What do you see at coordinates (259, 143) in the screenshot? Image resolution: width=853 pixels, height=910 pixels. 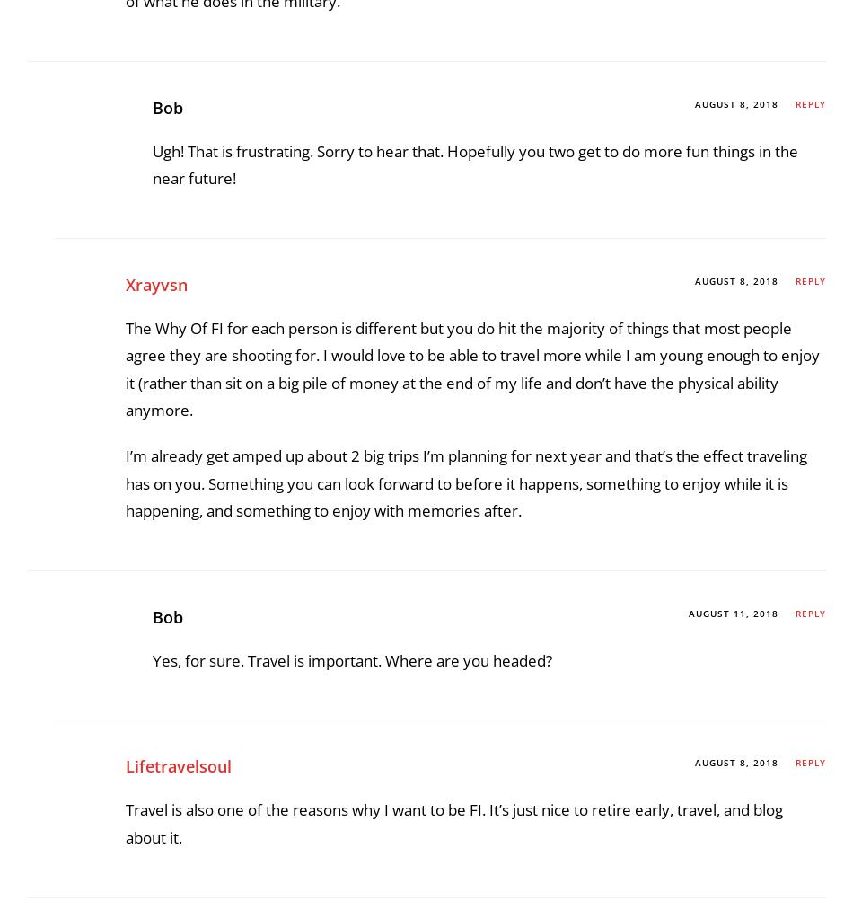 I see `'Bob Haegele'` at bounding box center [259, 143].